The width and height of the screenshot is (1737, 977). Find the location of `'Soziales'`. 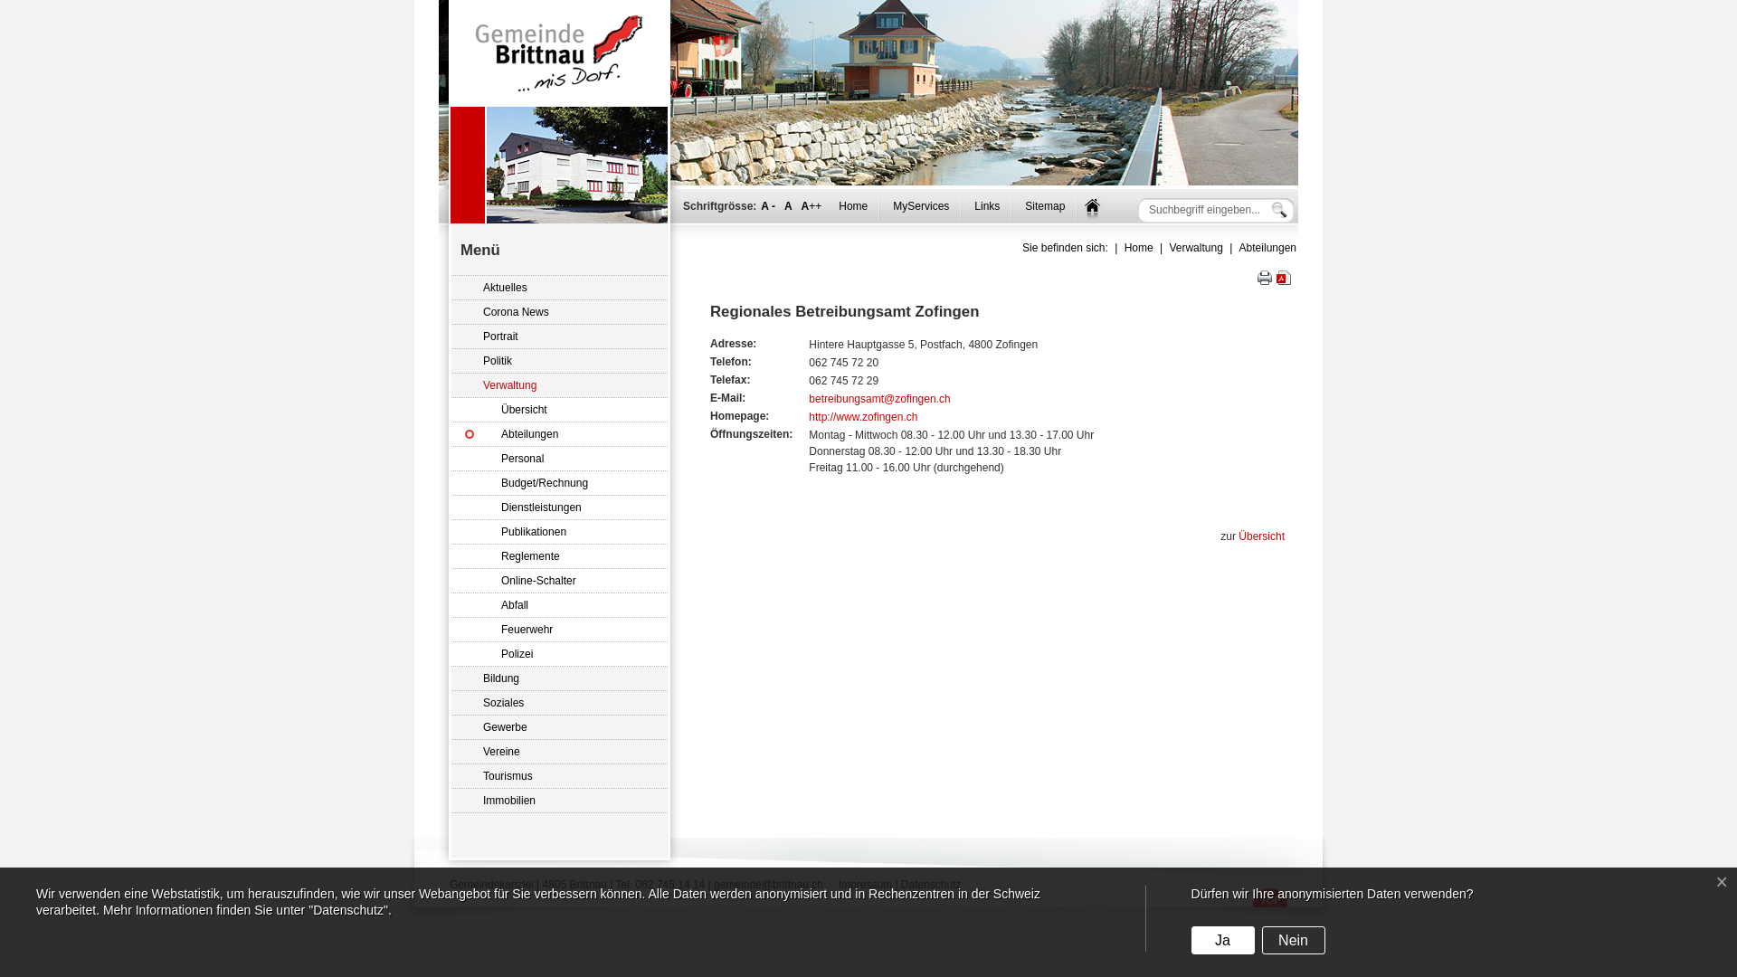

'Soziales' is located at coordinates (451, 702).